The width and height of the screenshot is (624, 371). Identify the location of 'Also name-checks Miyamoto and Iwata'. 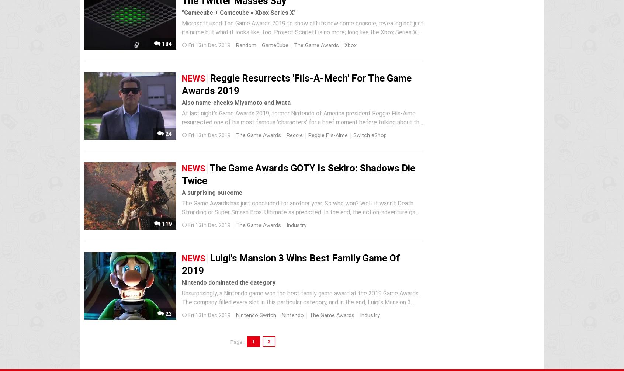
(236, 102).